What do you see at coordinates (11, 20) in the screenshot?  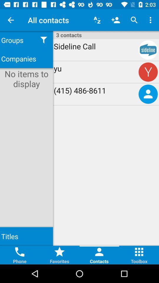 I see `the icon above groups item` at bounding box center [11, 20].